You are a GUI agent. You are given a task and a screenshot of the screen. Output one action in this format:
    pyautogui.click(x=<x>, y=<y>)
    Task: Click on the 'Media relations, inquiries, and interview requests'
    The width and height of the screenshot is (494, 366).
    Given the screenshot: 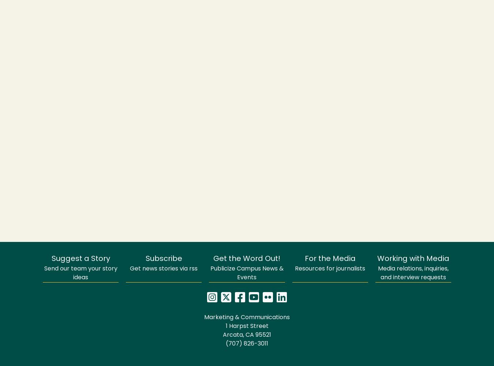 What is the action you would take?
    pyautogui.click(x=412, y=273)
    